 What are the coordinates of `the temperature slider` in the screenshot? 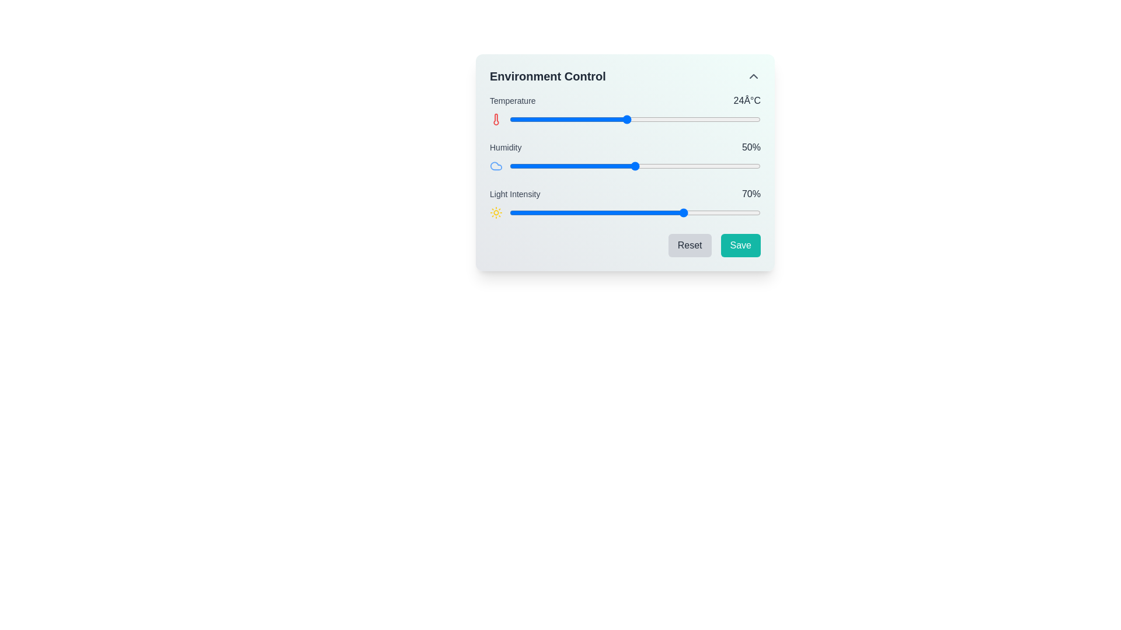 It's located at (701, 119).